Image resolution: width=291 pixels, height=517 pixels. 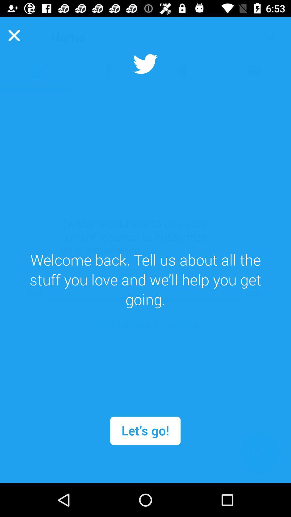 What do you see at coordinates (145, 431) in the screenshot?
I see `item below the welcome back tell item` at bounding box center [145, 431].